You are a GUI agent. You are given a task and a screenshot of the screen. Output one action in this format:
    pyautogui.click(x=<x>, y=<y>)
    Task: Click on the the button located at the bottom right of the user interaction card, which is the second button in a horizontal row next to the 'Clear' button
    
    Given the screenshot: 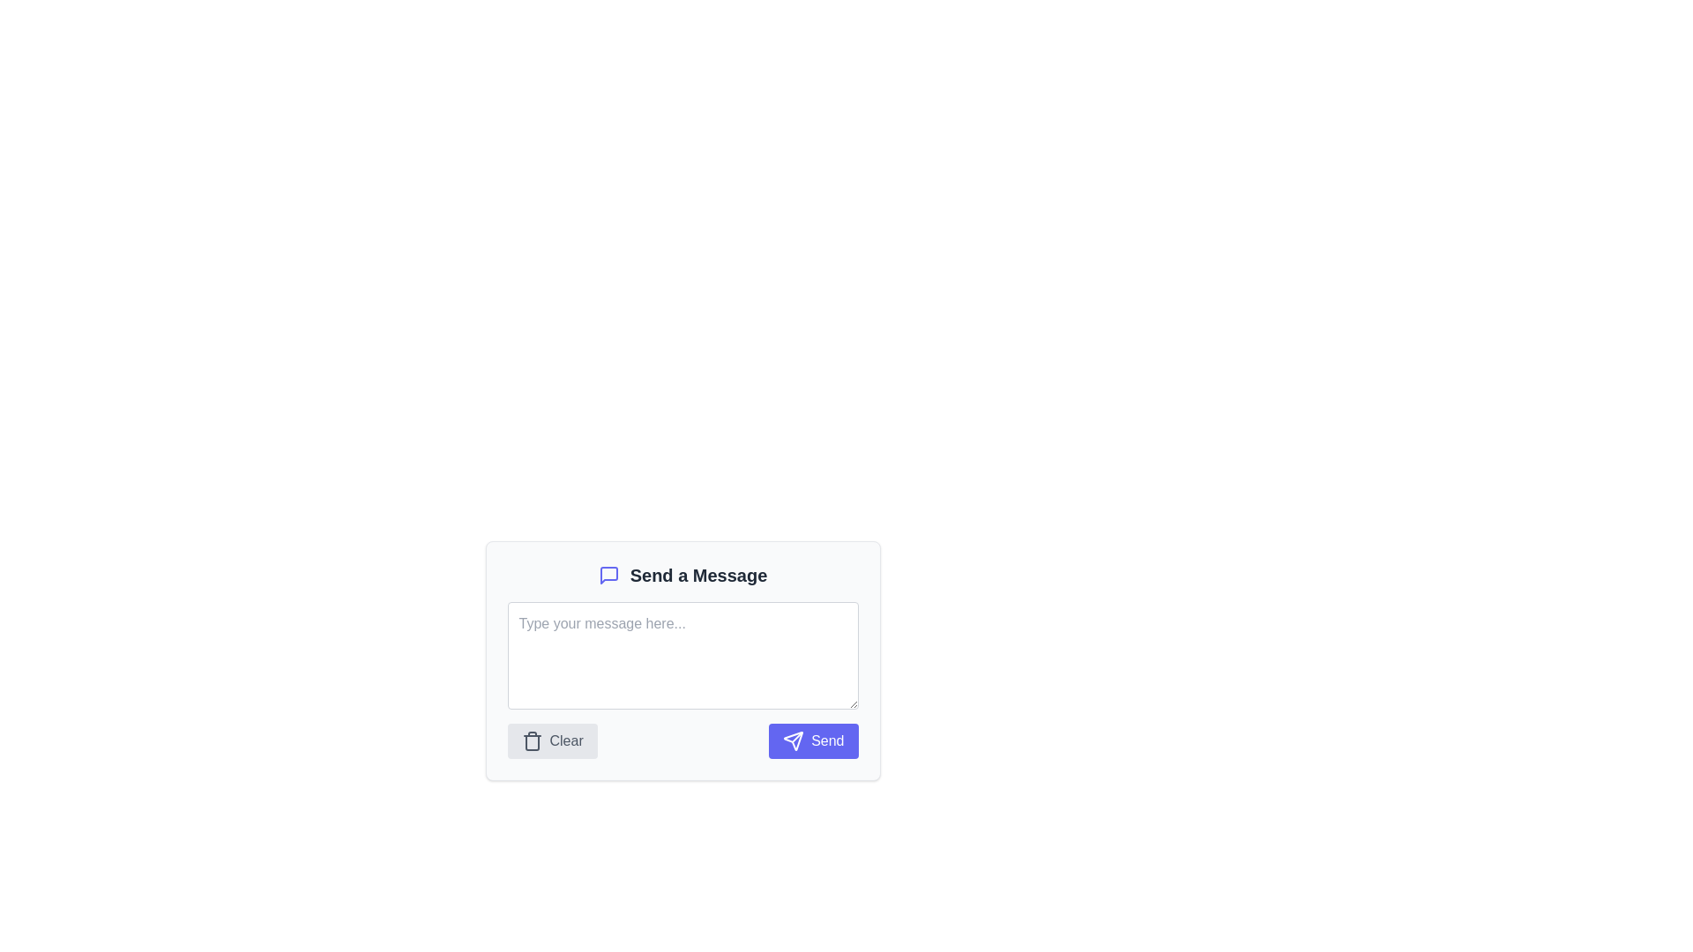 What is the action you would take?
    pyautogui.click(x=812, y=740)
    